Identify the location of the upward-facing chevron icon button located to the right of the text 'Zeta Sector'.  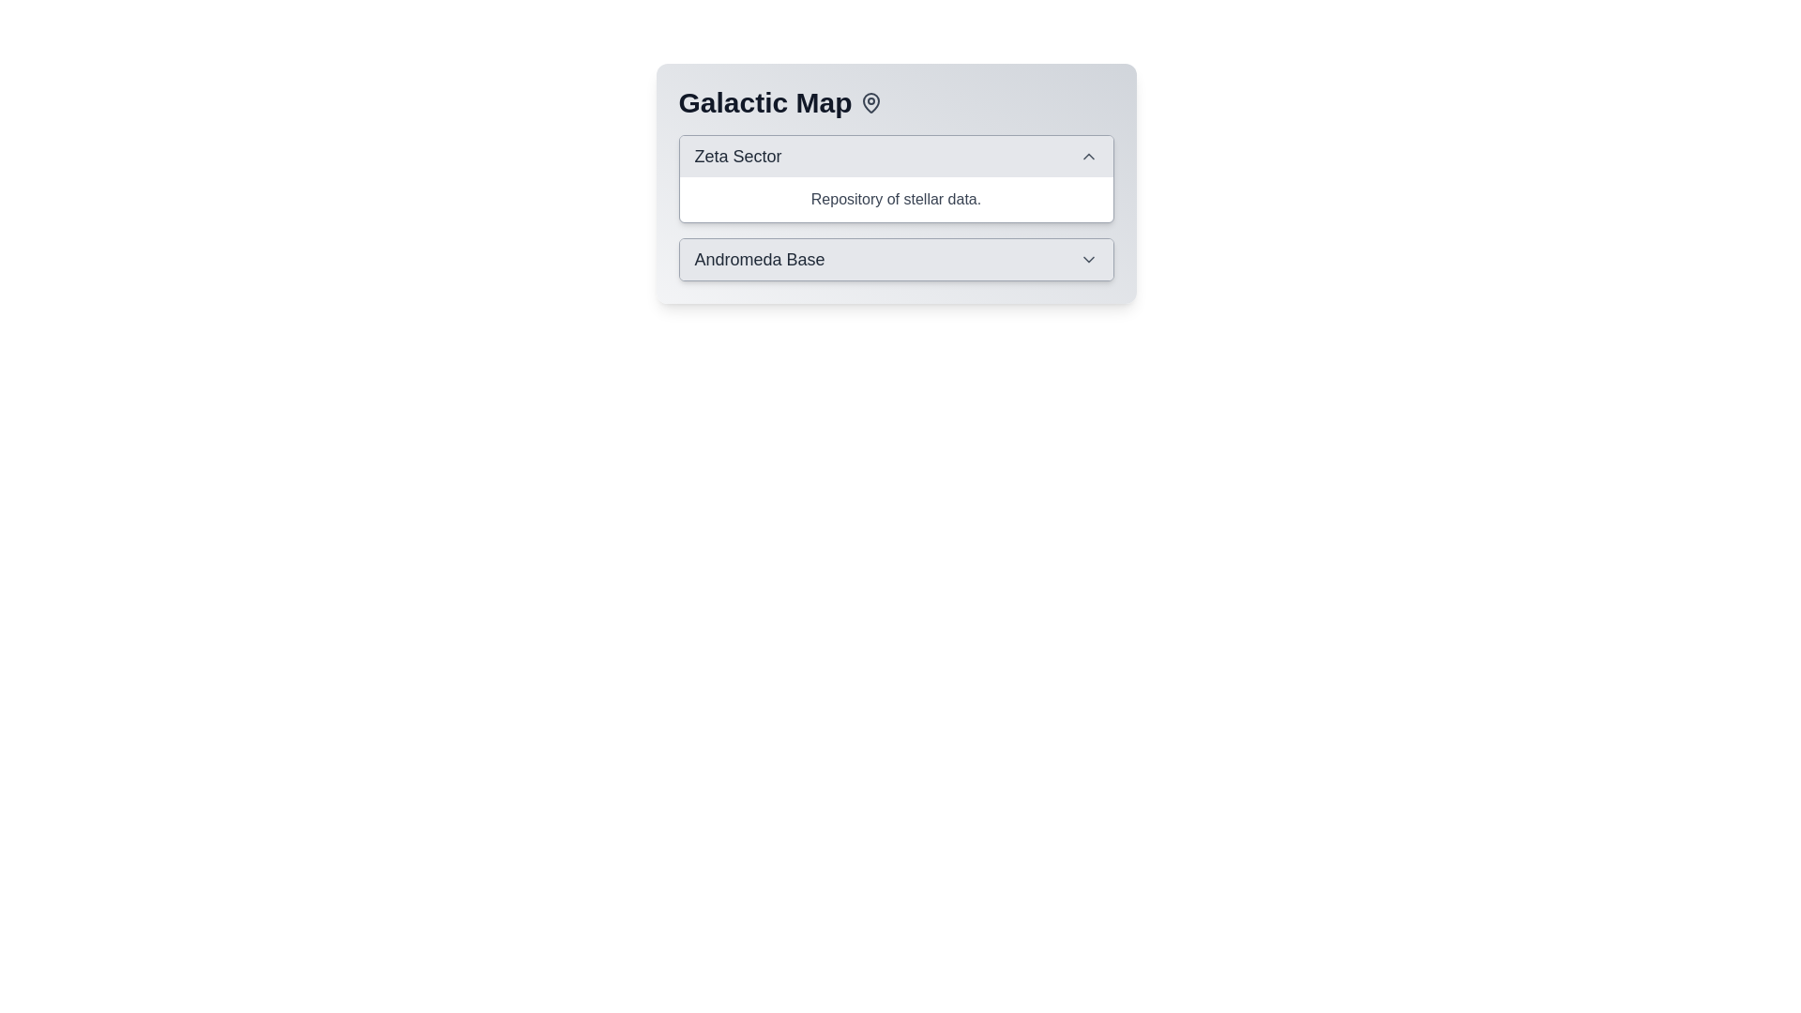
(1088, 155).